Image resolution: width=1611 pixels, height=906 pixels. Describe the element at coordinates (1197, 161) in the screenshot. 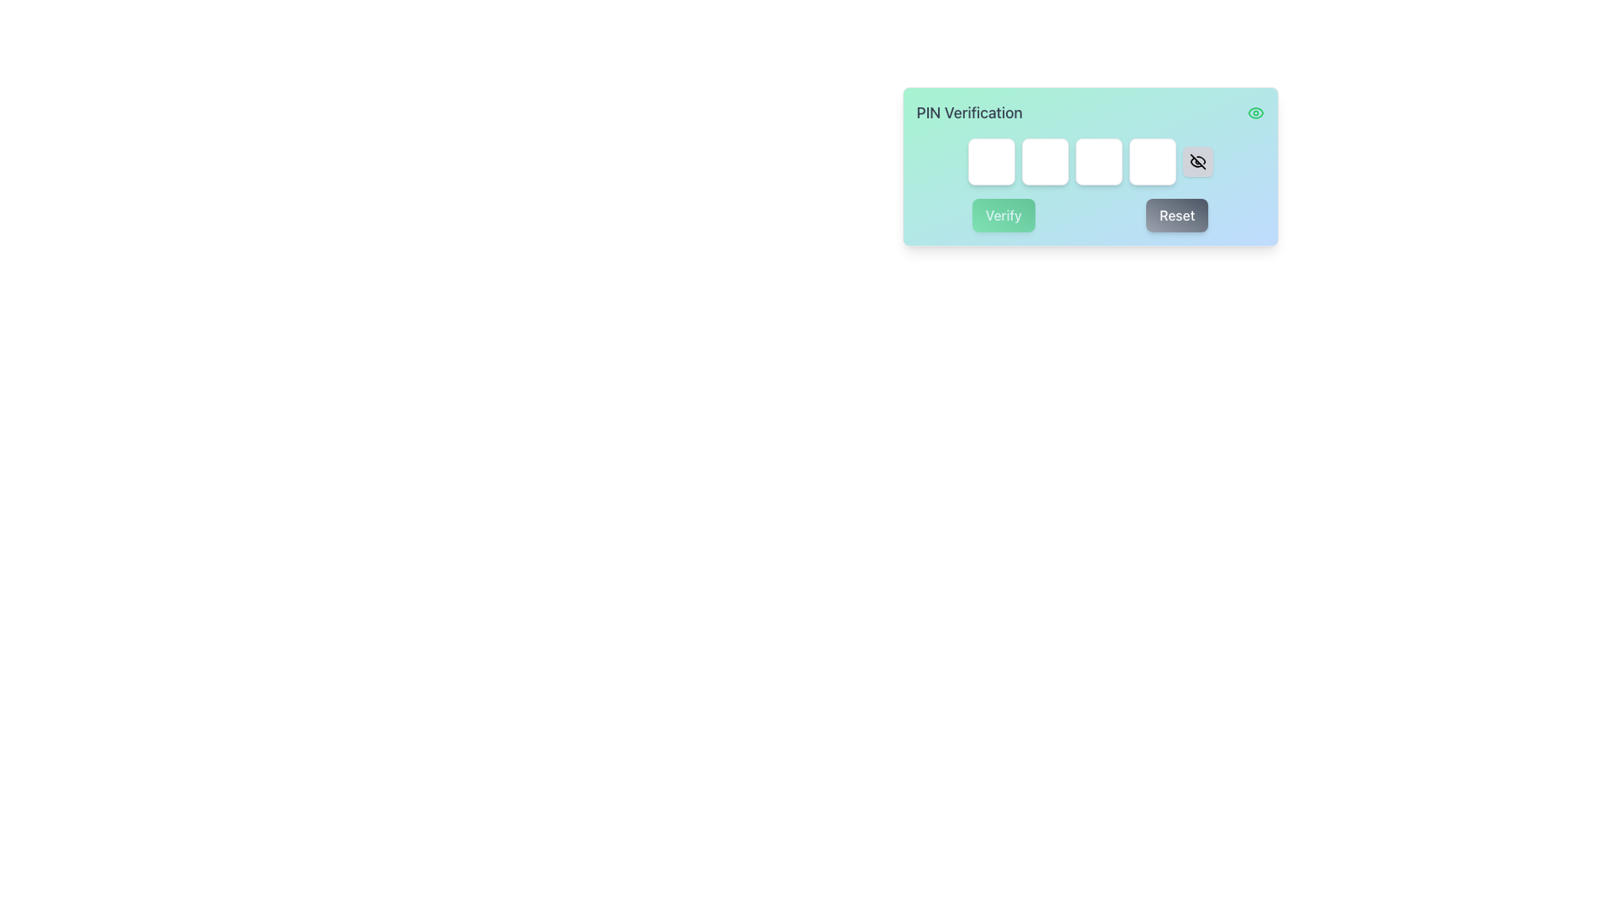

I see `the 'eye-off' icon button located at the far right of the PIN input section` at that location.